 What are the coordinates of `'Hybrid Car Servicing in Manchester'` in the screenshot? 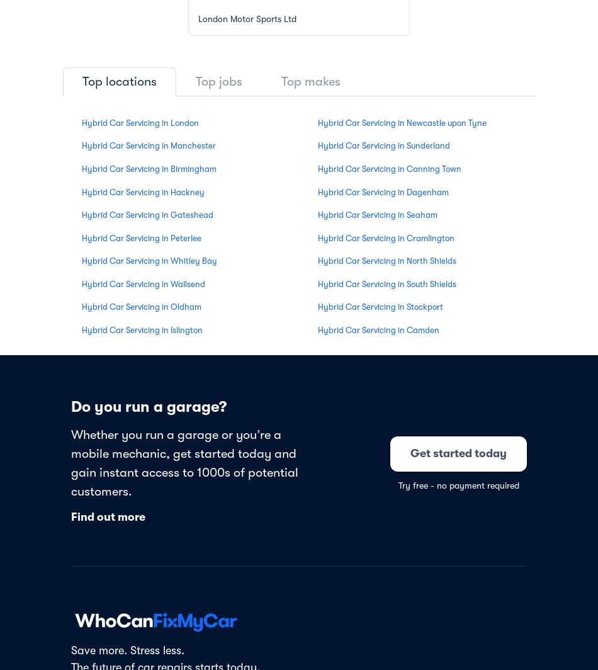 It's located at (81, 145).